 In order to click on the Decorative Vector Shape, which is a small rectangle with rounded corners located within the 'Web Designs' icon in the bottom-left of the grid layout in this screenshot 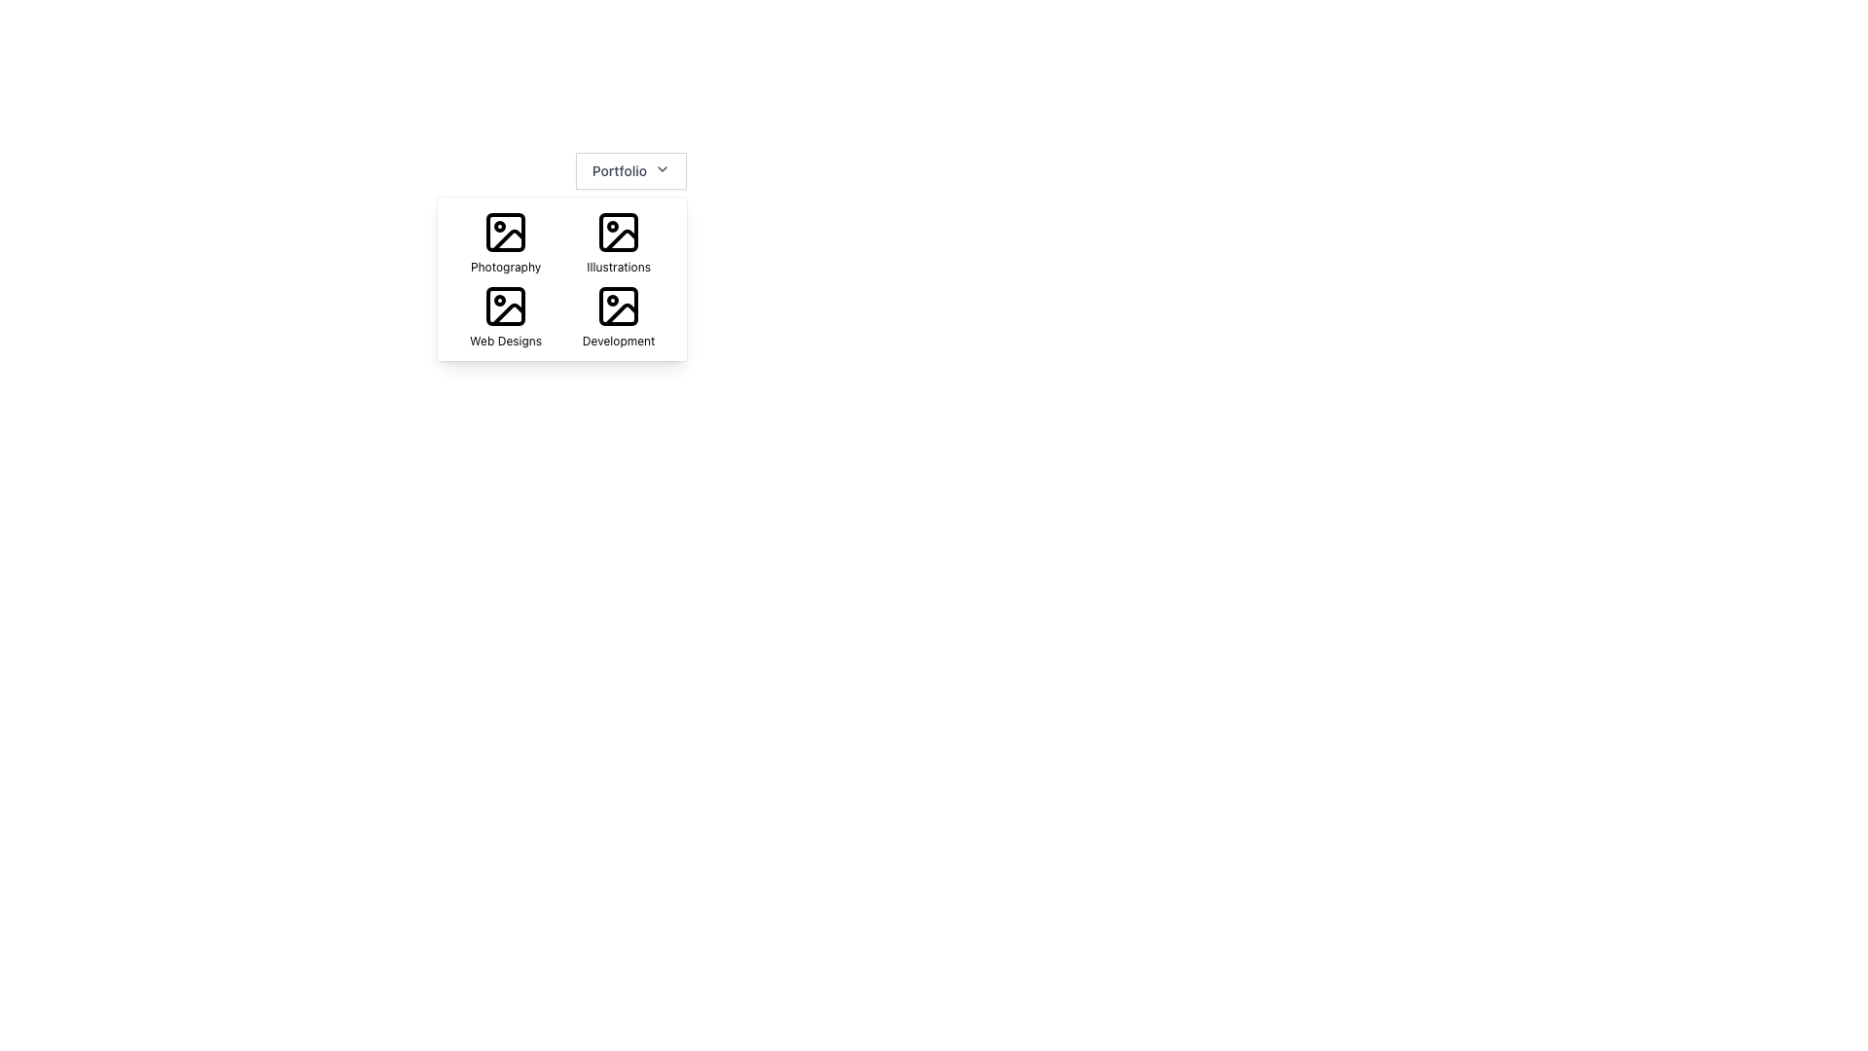, I will do `click(506, 307)`.